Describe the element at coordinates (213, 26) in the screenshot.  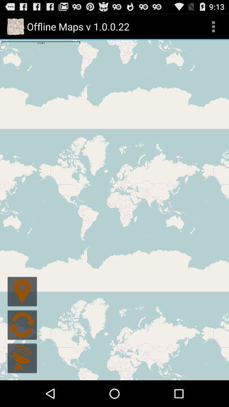
I see `icon at the top right corner` at that location.